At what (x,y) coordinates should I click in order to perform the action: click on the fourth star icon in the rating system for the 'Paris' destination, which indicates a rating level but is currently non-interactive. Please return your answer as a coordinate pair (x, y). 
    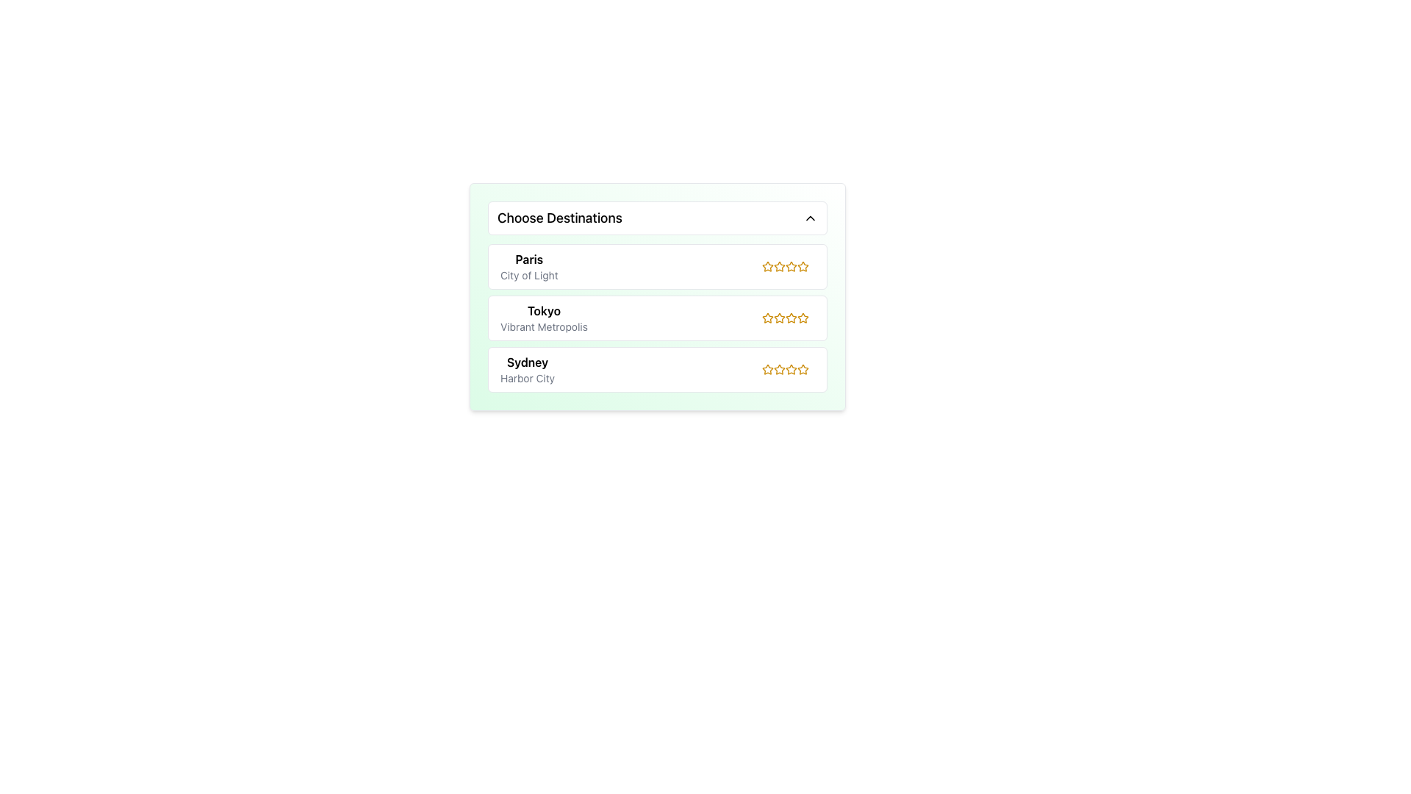
    Looking at the image, I should click on (790, 266).